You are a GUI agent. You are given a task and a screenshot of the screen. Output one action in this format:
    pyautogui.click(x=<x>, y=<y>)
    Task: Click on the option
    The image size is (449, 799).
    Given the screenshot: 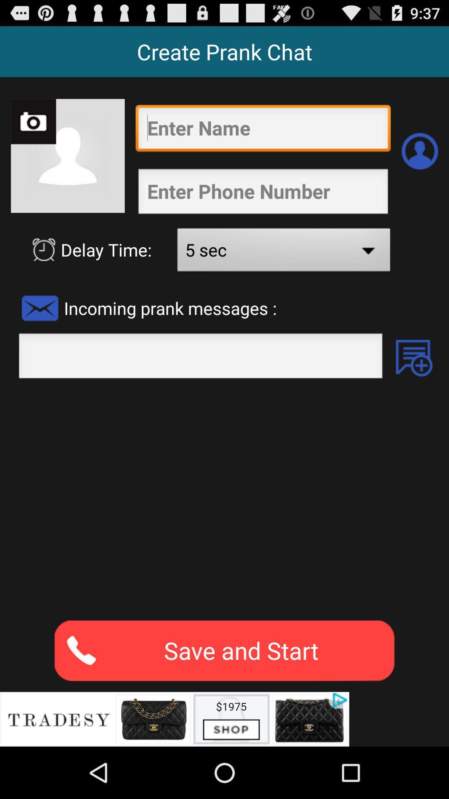 What is the action you would take?
    pyautogui.click(x=414, y=358)
    